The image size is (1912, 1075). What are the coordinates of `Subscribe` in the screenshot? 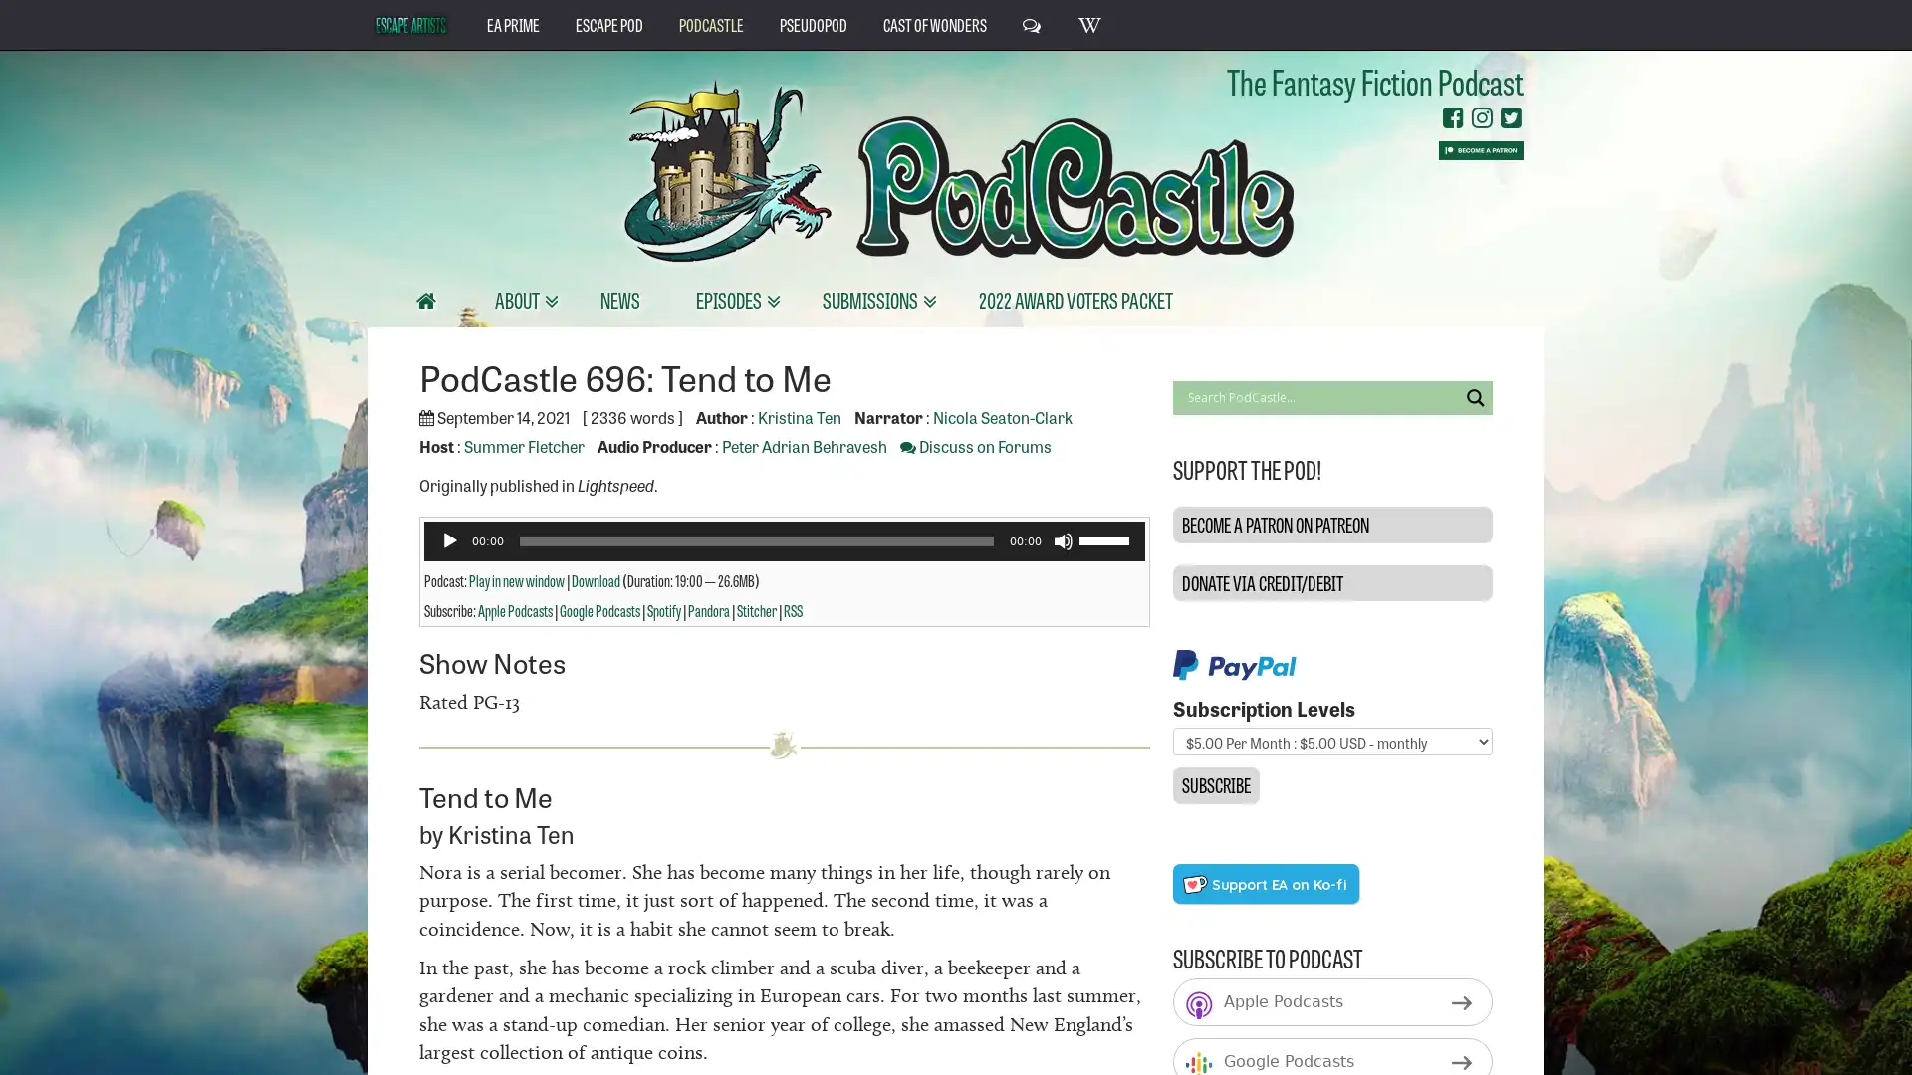 It's located at (1214, 784).